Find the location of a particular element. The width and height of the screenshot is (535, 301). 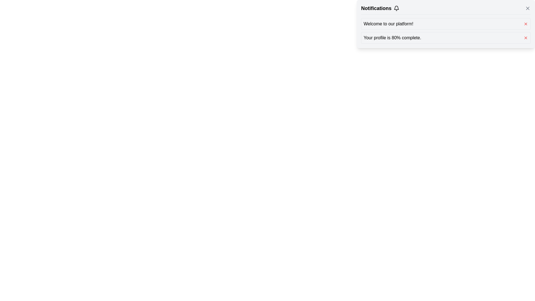

the close icon located at the top-right corner of the notification card is located at coordinates (527, 8).